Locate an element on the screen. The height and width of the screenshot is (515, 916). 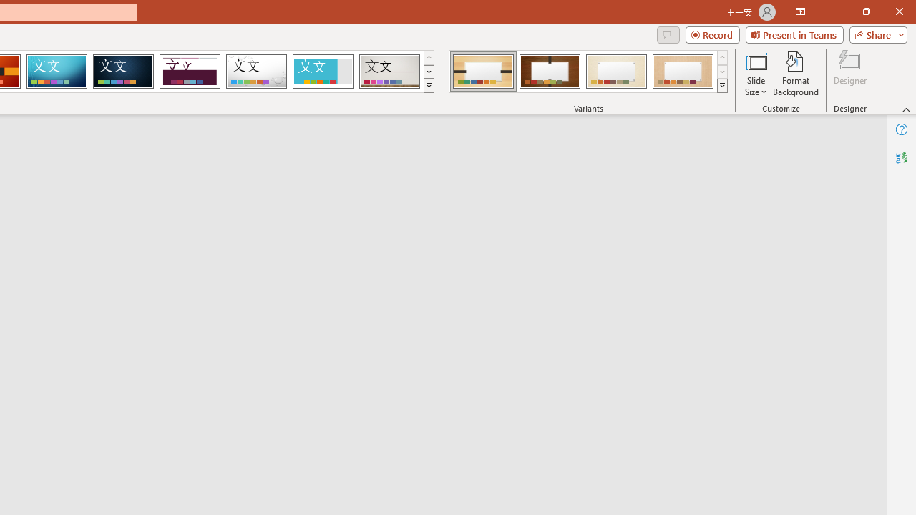
'Dividend' is located at coordinates (189, 72).